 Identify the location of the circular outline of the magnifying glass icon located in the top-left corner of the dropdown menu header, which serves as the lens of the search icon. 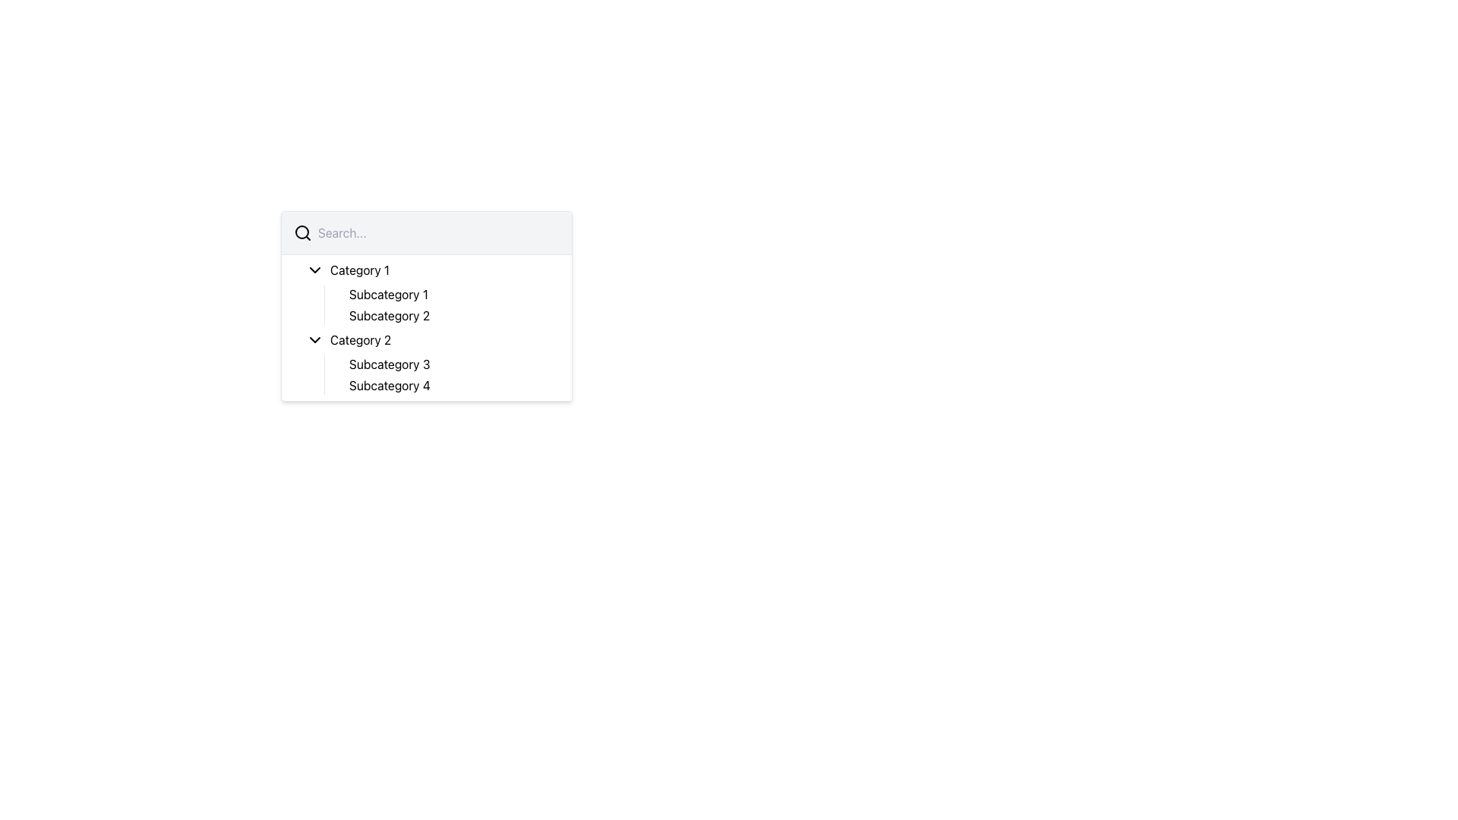
(302, 232).